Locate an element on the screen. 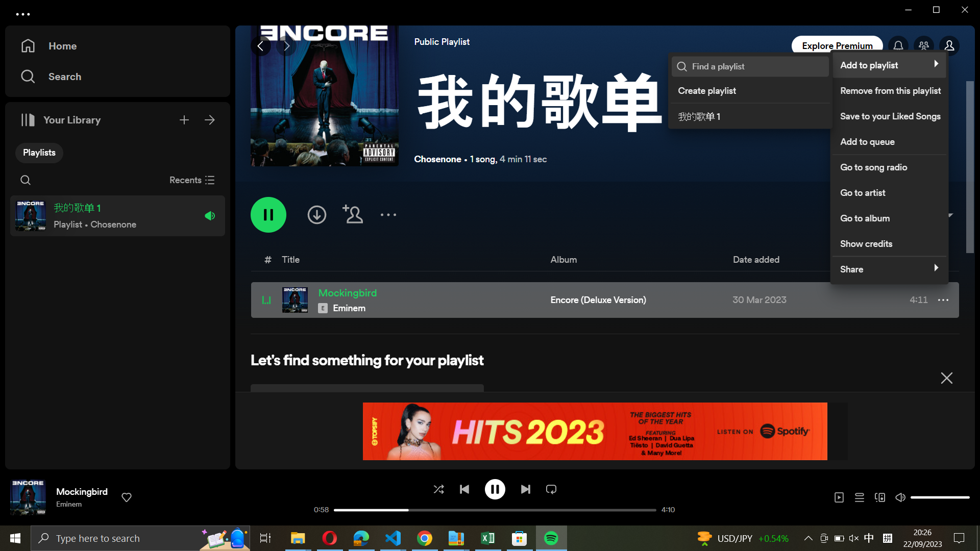 The width and height of the screenshot is (980, 551). Share the song is located at coordinates (886, 267).